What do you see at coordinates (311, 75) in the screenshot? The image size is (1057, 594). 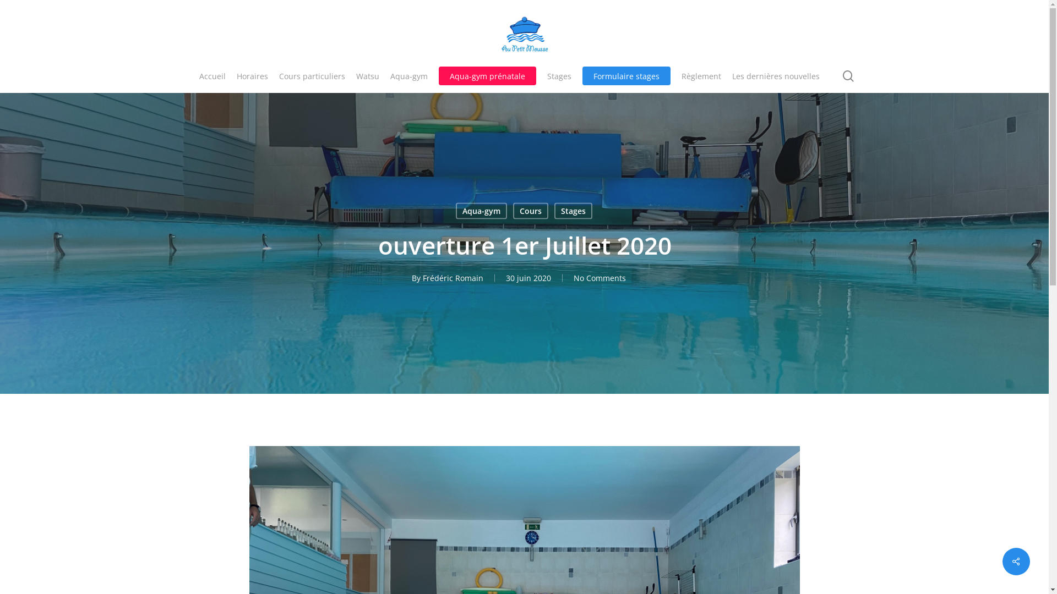 I see `'Cours particuliers'` at bounding box center [311, 75].